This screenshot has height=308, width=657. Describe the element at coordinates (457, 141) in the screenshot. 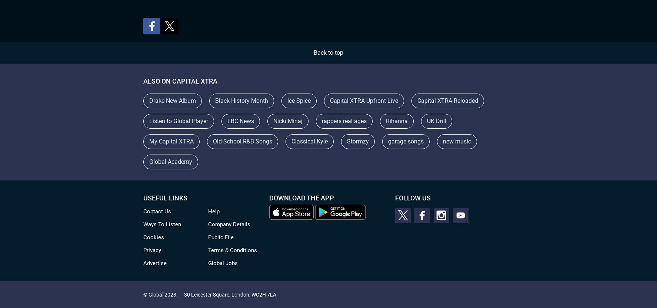

I see `'new music'` at that location.